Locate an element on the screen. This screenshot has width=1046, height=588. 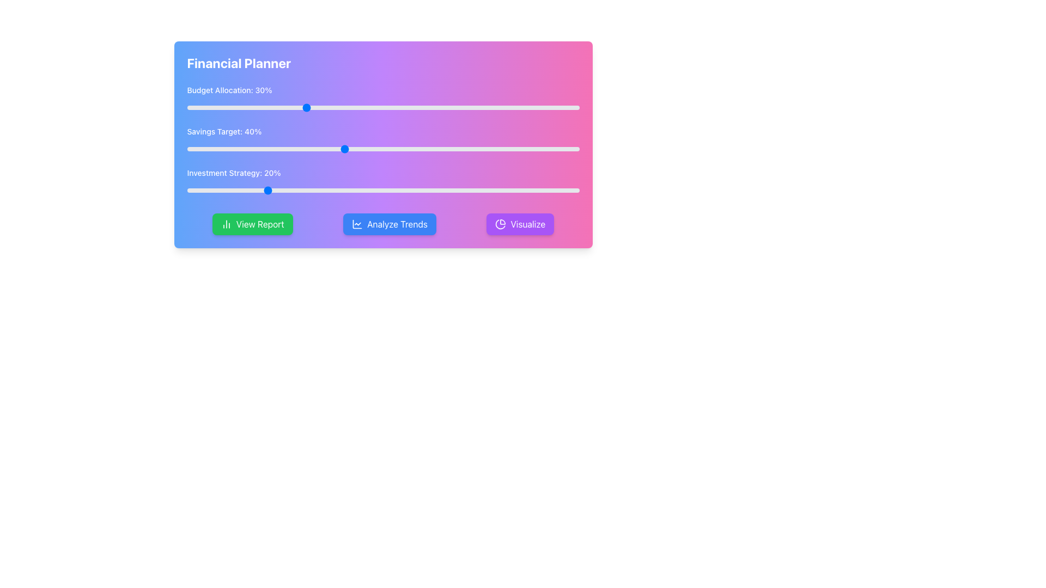
the savings target is located at coordinates (556, 149).